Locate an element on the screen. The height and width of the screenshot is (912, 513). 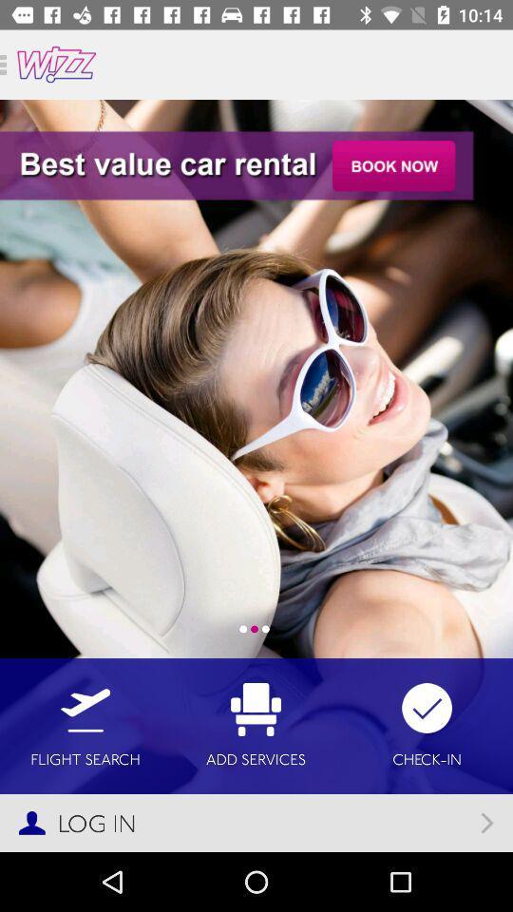
flight search is located at coordinates (85, 725).